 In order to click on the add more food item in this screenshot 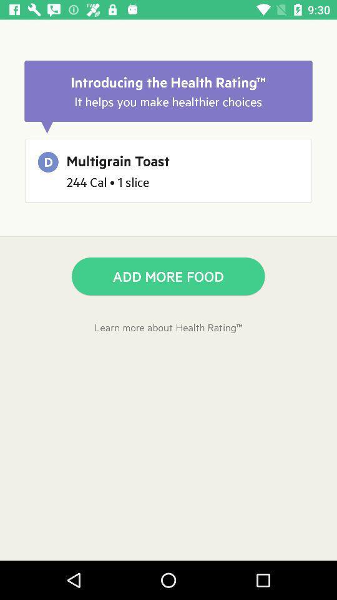, I will do `click(168, 276)`.